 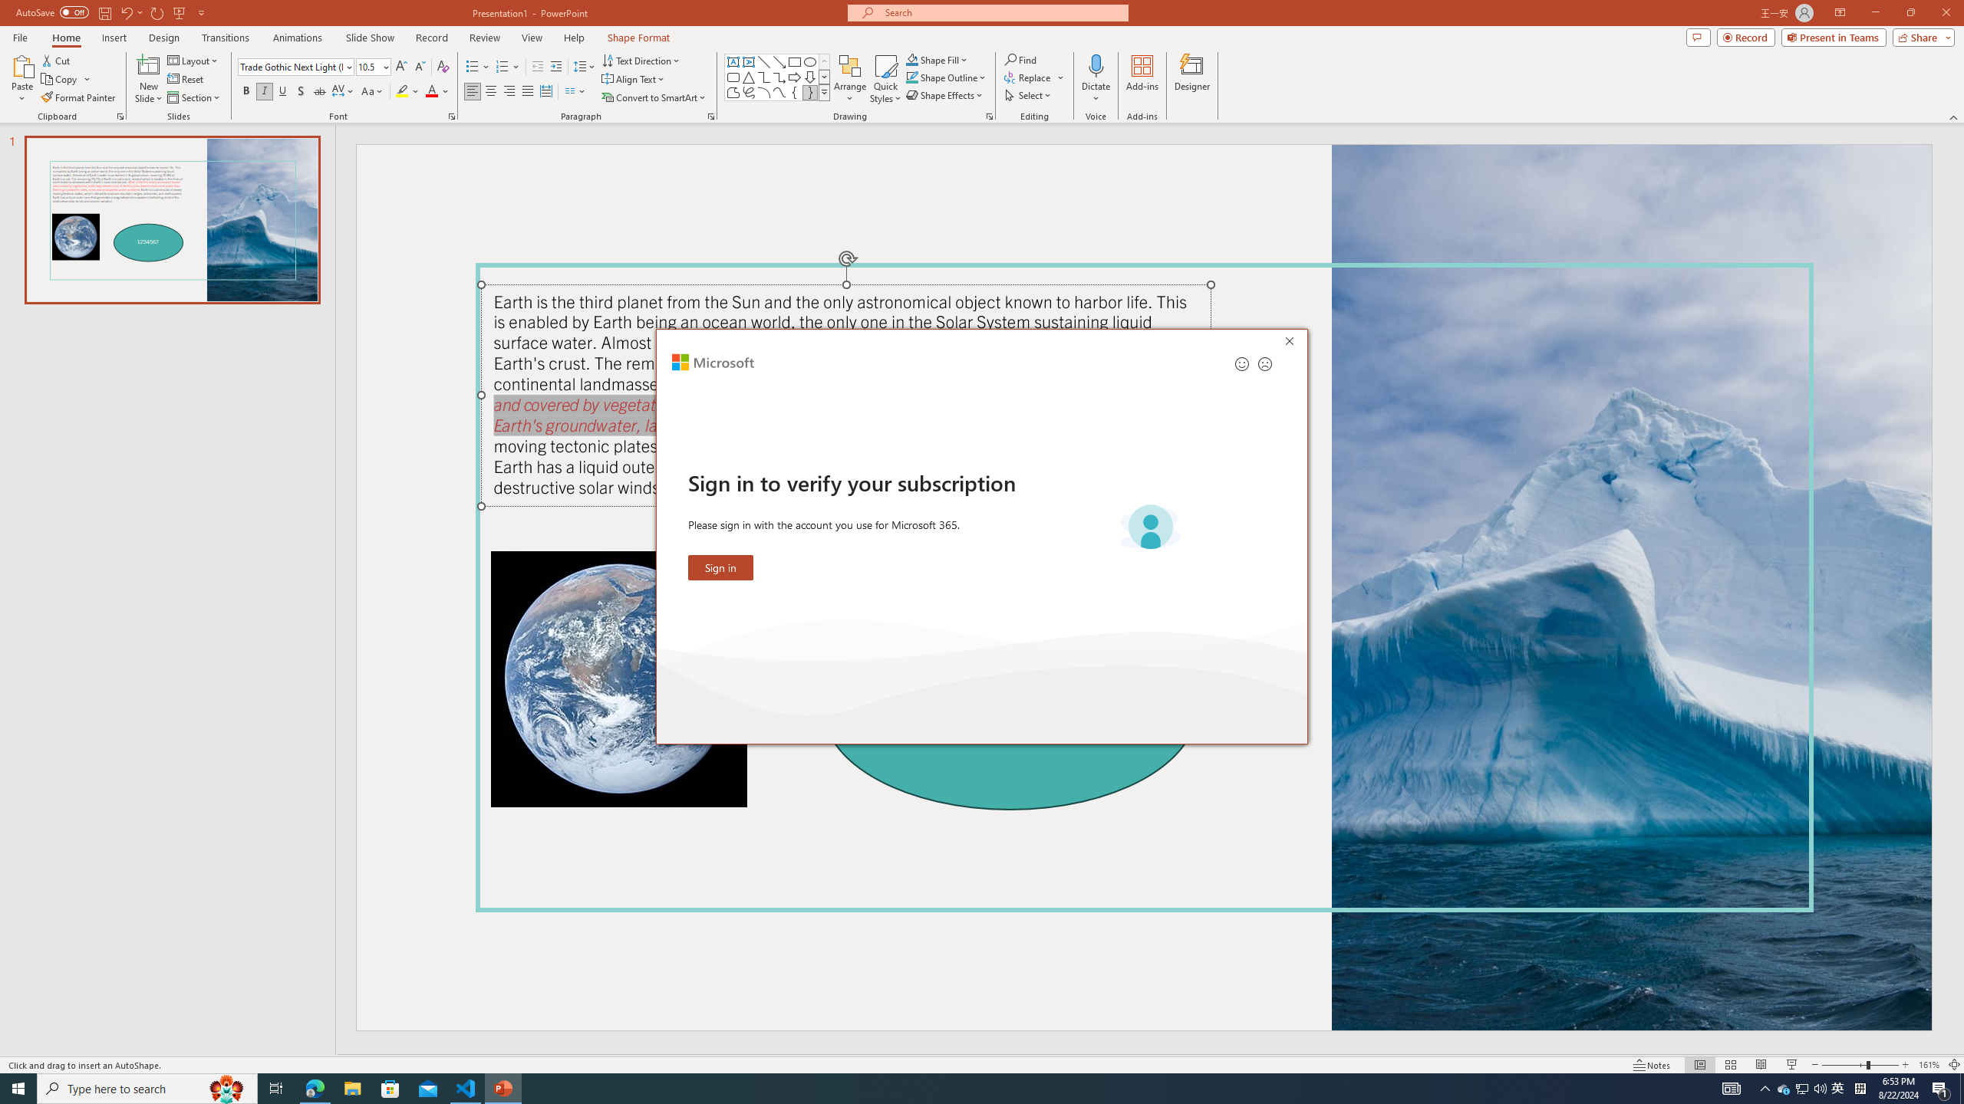 I want to click on 'Center', so click(x=491, y=90).